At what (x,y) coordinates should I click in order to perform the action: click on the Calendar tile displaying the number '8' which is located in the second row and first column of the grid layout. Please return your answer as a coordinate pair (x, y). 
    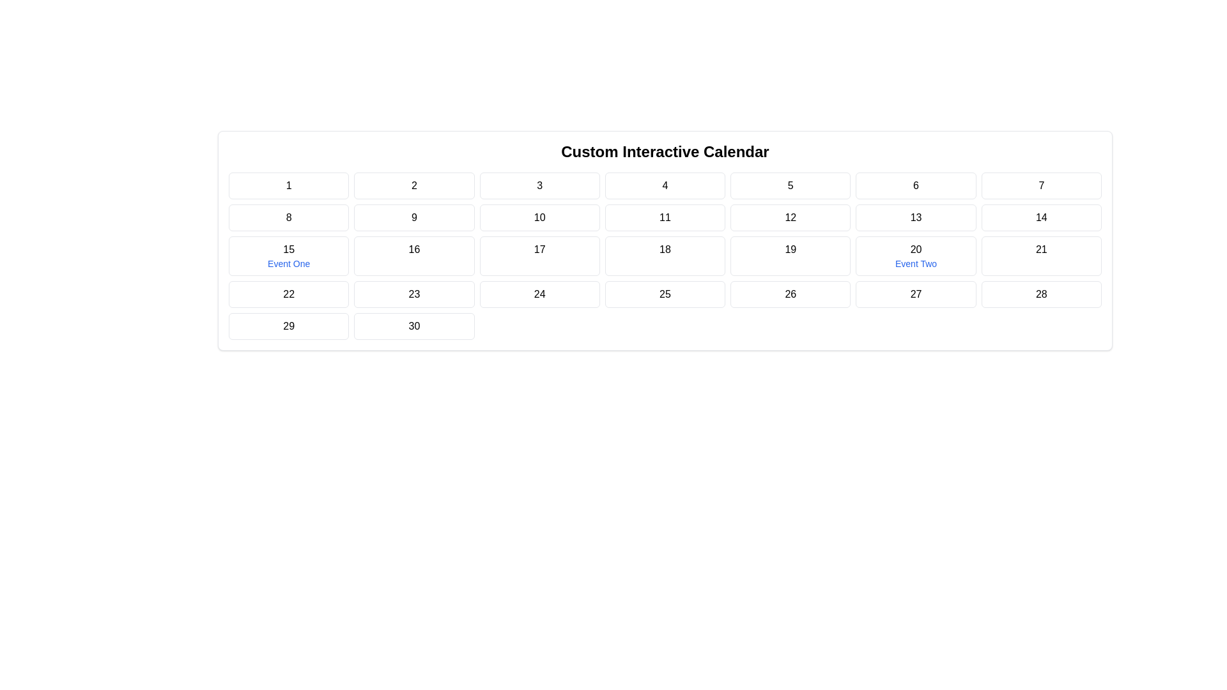
    Looking at the image, I should click on (288, 217).